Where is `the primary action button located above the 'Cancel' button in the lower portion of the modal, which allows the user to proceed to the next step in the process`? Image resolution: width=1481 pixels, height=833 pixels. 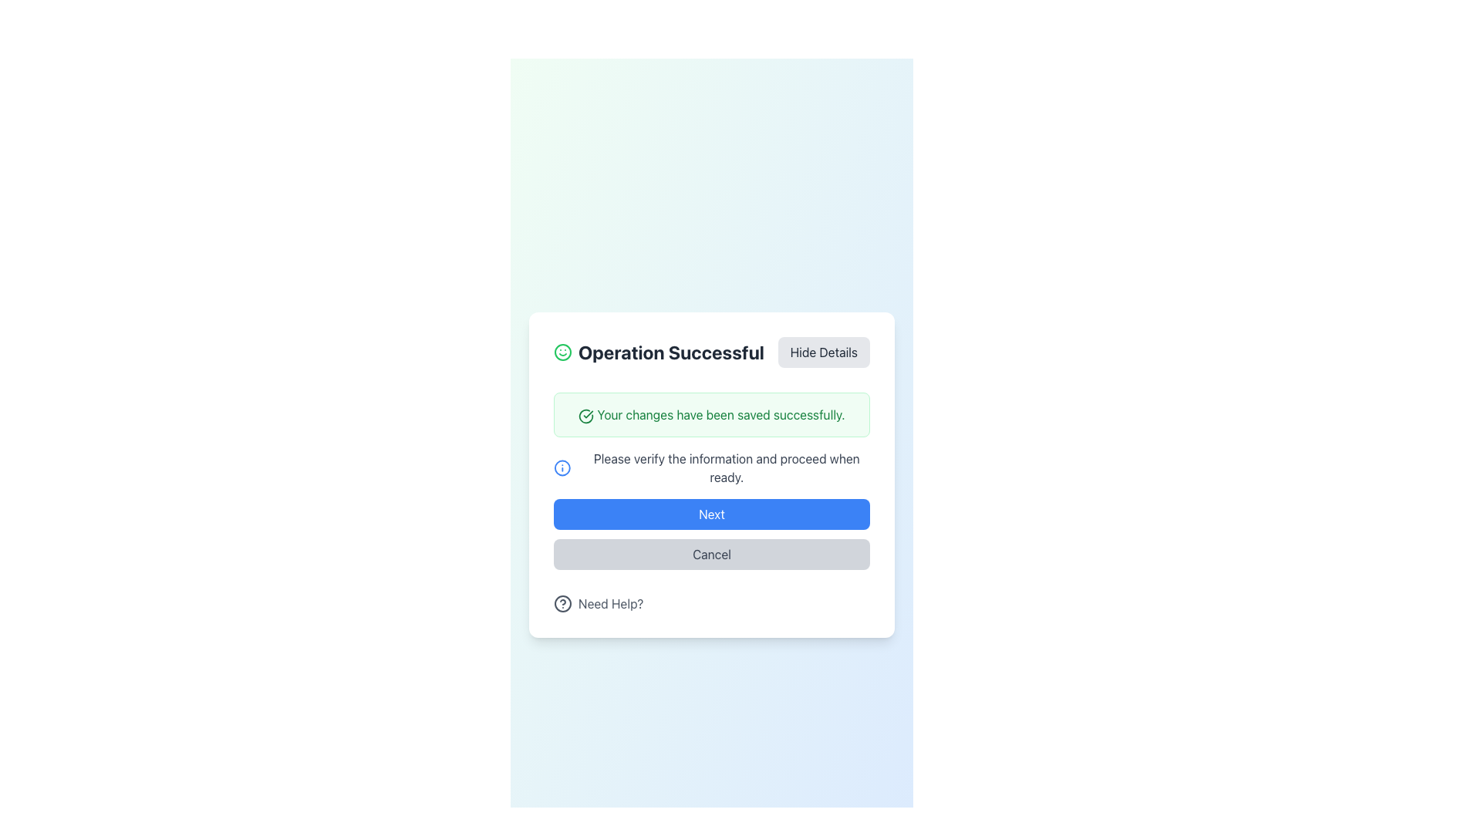
the primary action button located above the 'Cancel' button in the lower portion of the modal, which allows the user to proceed to the next step in the process is located at coordinates (710, 514).